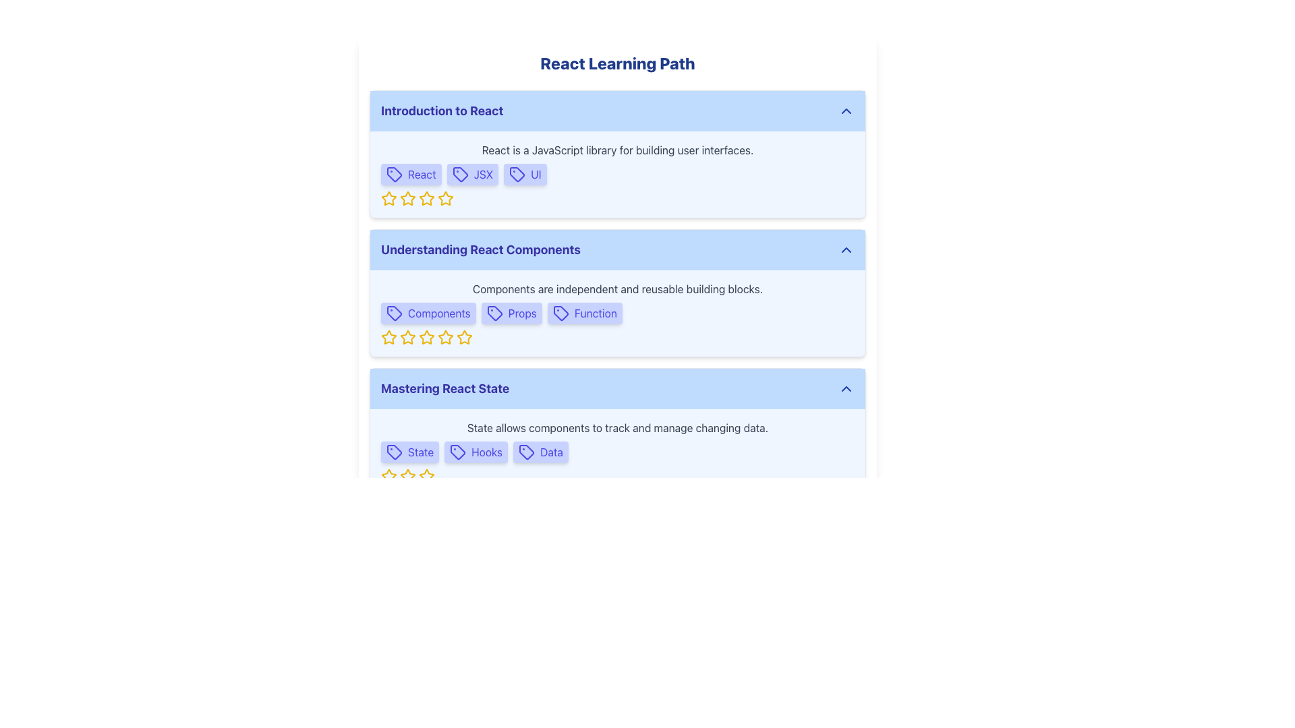 The width and height of the screenshot is (1295, 728). What do you see at coordinates (407, 198) in the screenshot?
I see `the third star rating icon in the horizontal rating section under the 'Introduction to React' module for accessibility navigation` at bounding box center [407, 198].